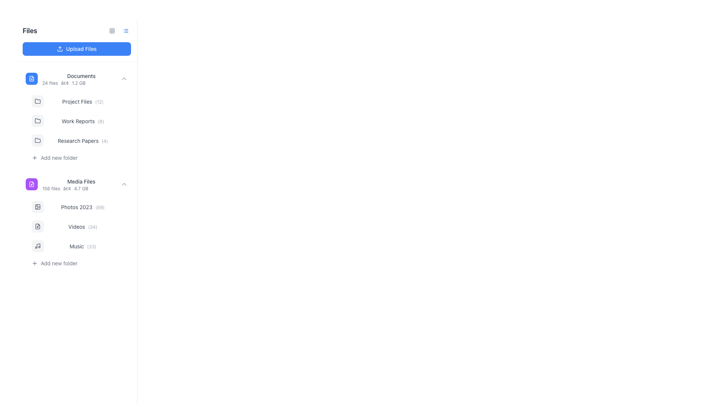 The width and height of the screenshot is (725, 407). I want to click on the white video file icon with a purple background located in the 'Media Files' section of the left-hand sidebar, so click(31, 184).